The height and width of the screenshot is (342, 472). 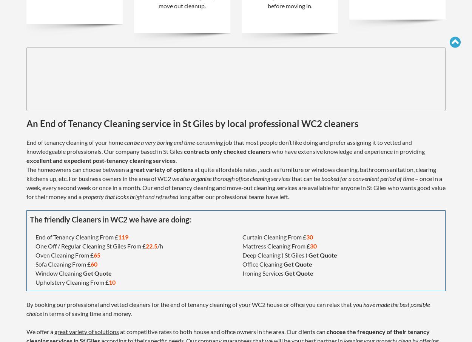 What do you see at coordinates (78, 169) in the screenshot?
I see `'The homeowners can choose between a'` at bounding box center [78, 169].